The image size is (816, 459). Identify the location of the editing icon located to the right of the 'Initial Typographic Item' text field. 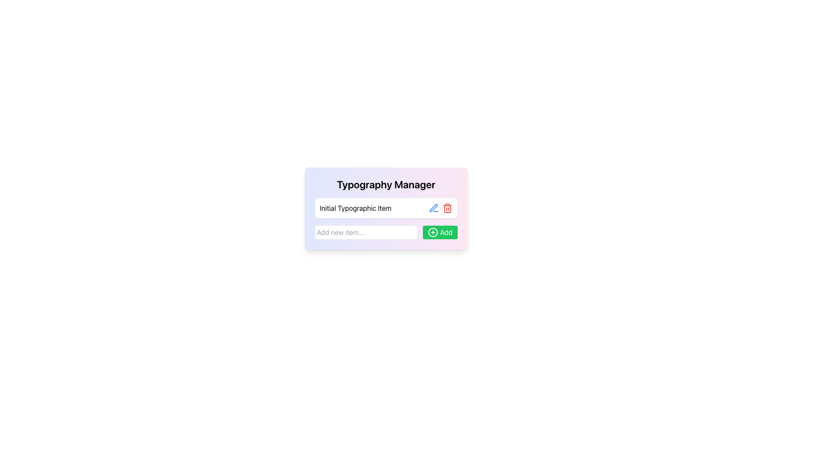
(433, 208).